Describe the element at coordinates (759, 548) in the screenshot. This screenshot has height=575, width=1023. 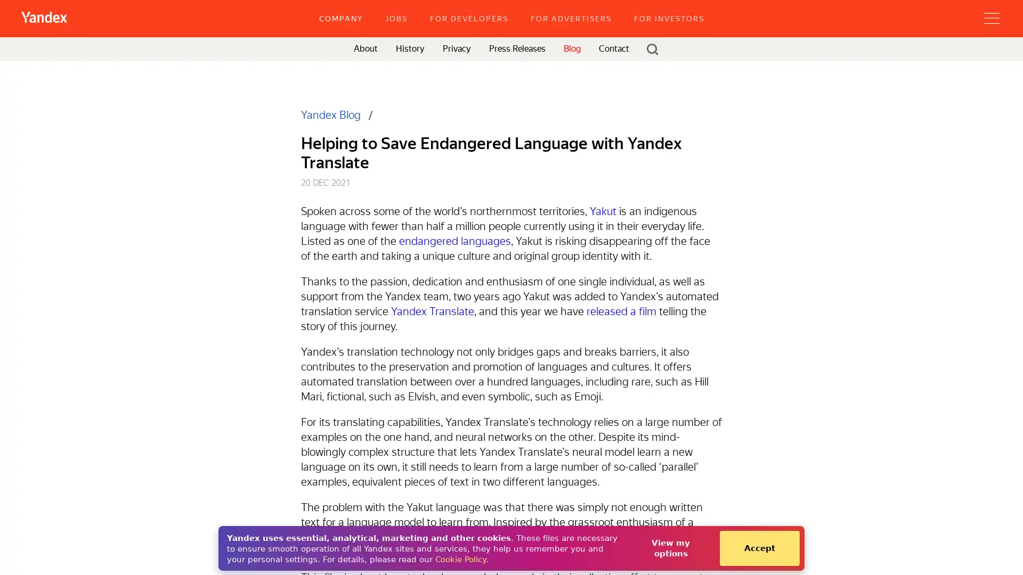
I see `Accept` at that location.